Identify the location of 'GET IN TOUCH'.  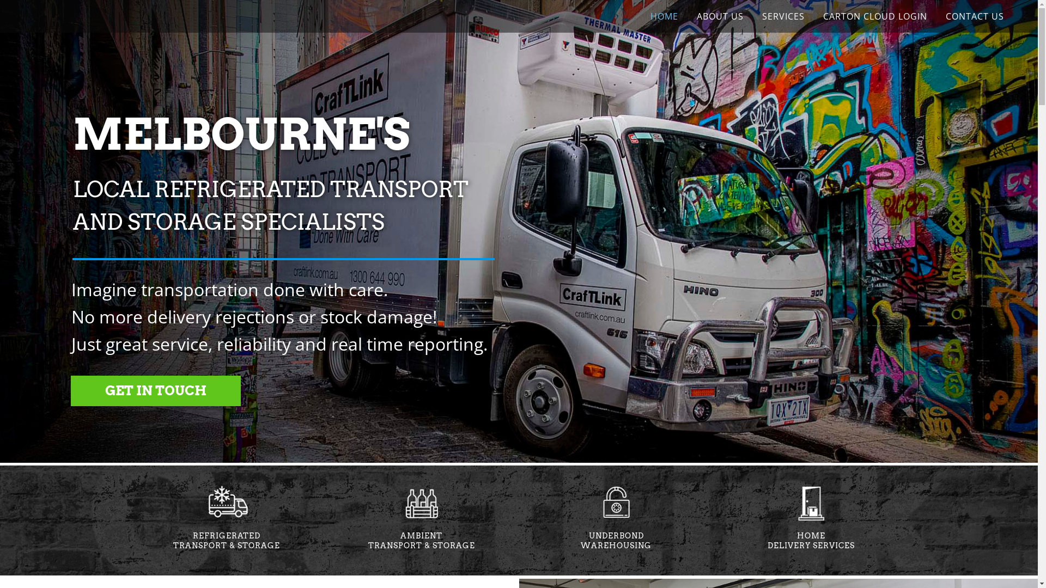
(155, 390).